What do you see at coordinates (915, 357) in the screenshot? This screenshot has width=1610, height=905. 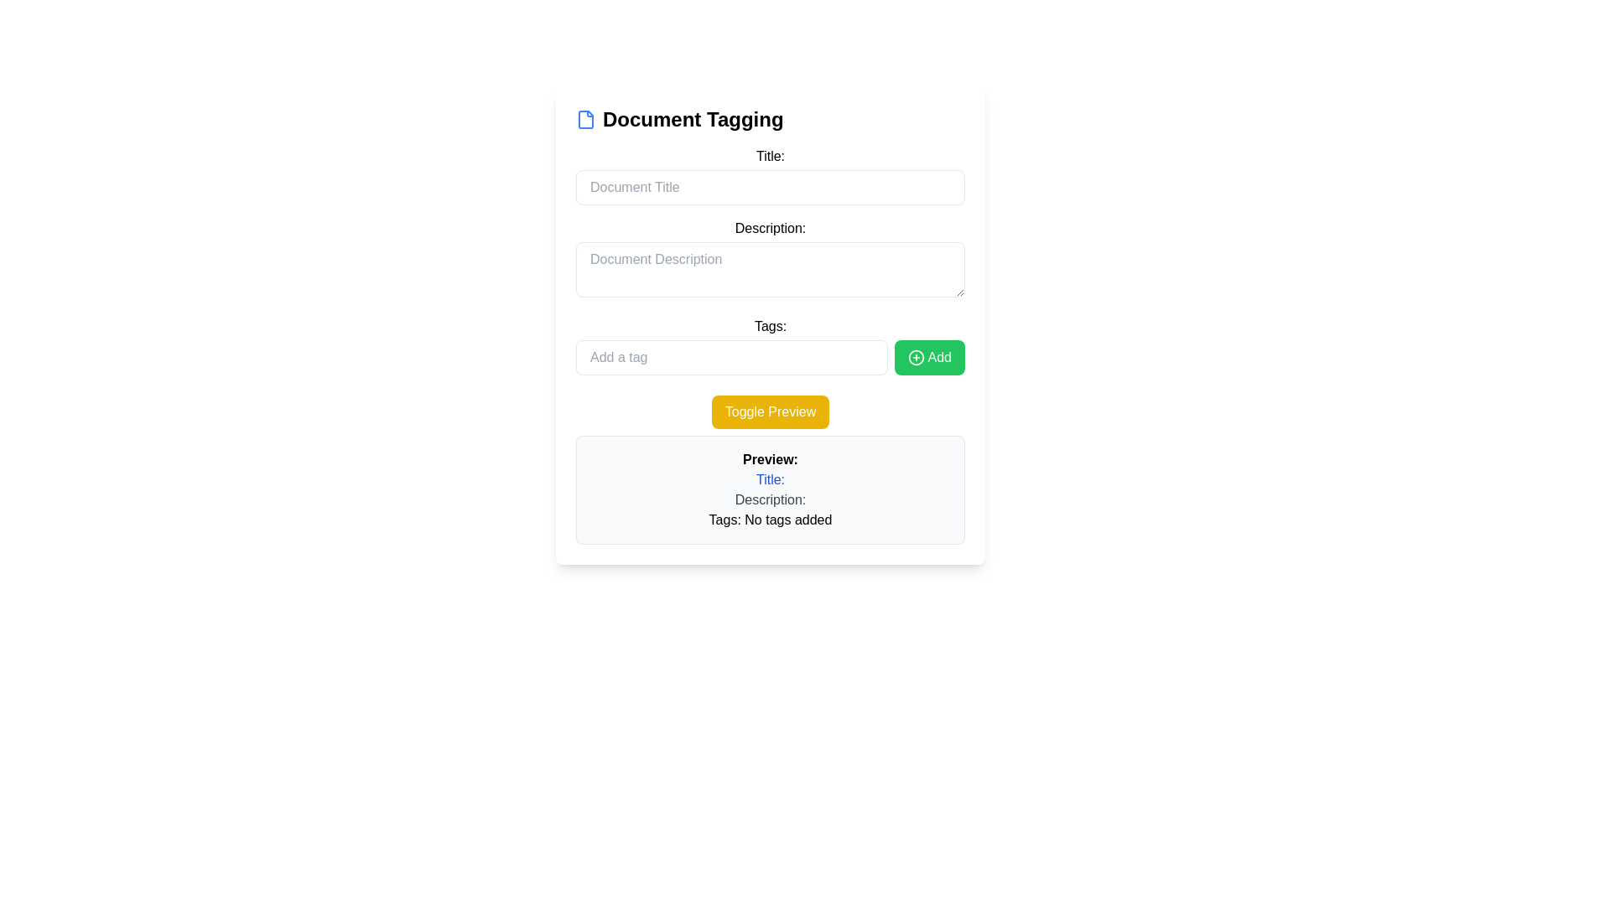 I see `the SVG circle component which is part of the 'Add' button located in the 'Tags' section` at bounding box center [915, 357].